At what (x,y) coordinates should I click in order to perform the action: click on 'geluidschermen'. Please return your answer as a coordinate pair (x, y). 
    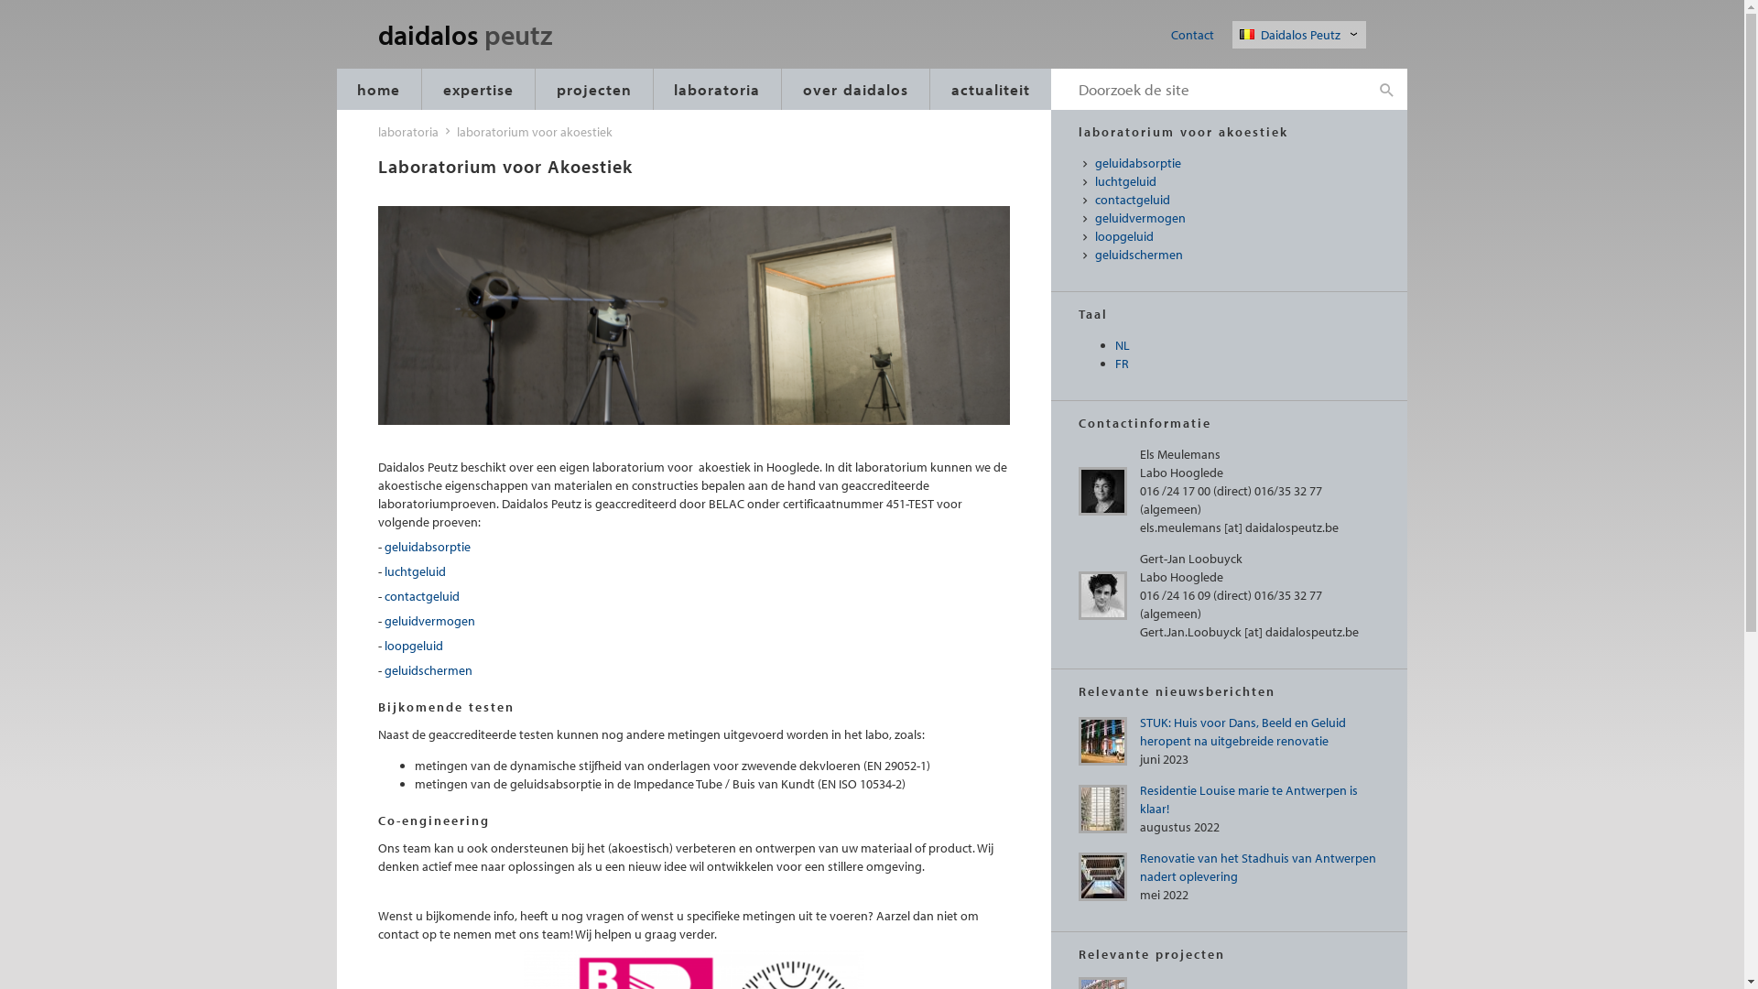
    Looking at the image, I should click on (1238, 255).